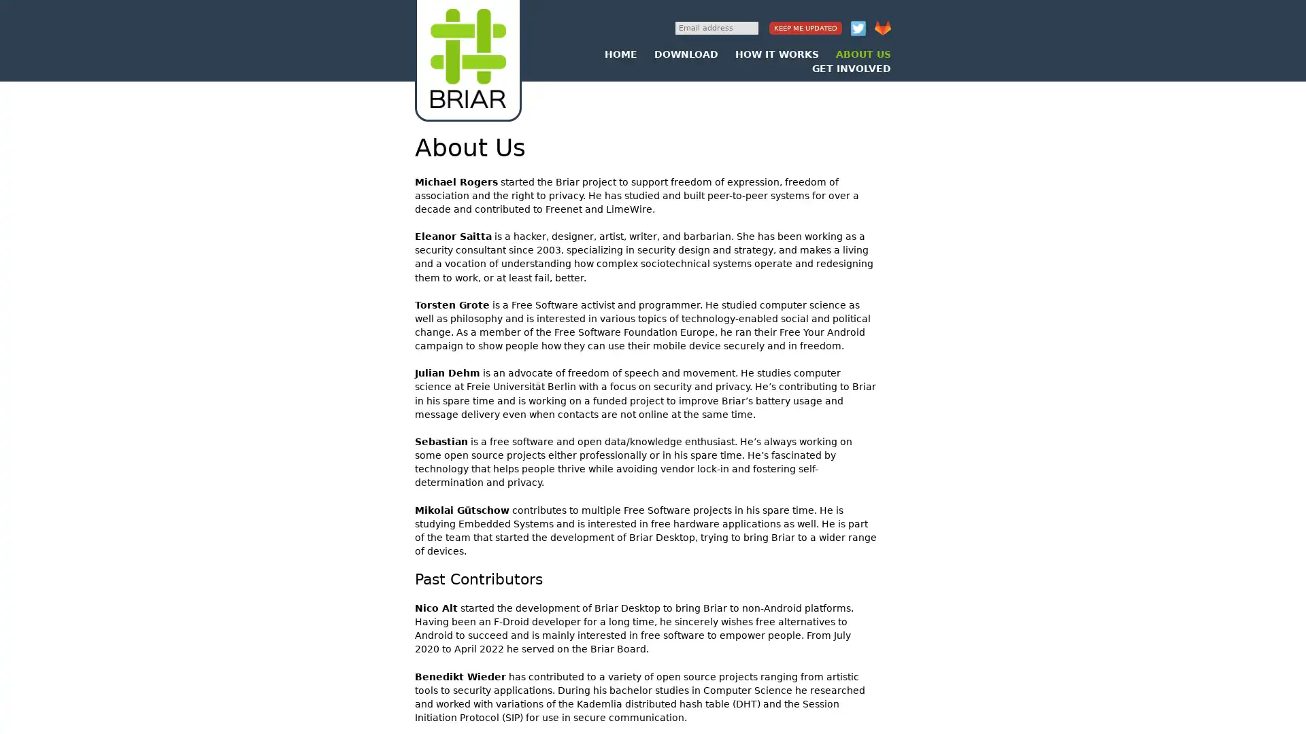 This screenshot has width=1306, height=734. What do you see at coordinates (805, 28) in the screenshot?
I see `KEEP ME UPDATED` at bounding box center [805, 28].